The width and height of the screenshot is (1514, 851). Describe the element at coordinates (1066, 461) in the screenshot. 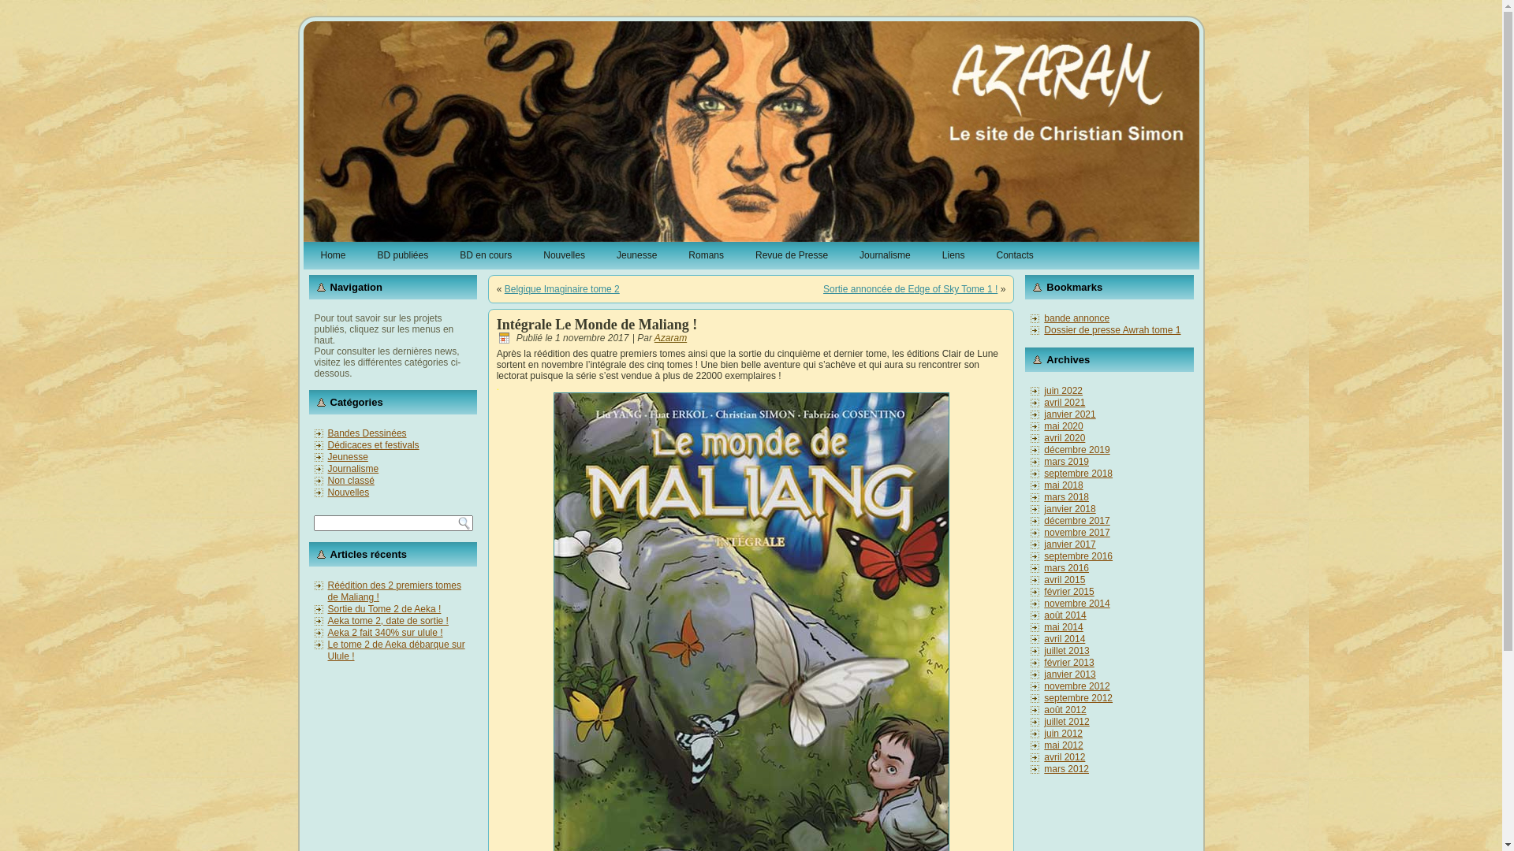

I see `'mars 2019'` at that location.